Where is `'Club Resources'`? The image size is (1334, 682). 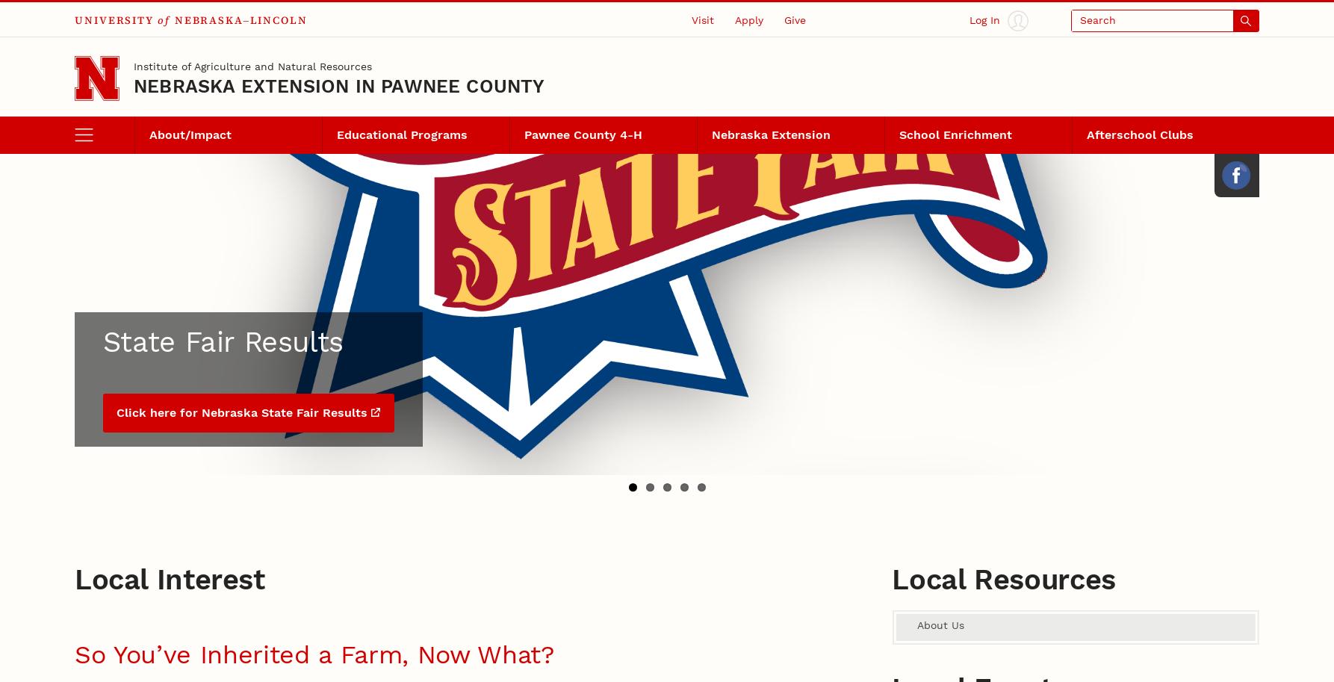 'Club Resources' is located at coordinates (75, 192).